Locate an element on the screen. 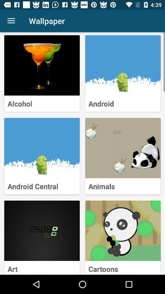 This screenshot has width=165, height=294. art wallpaper collection is located at coordinates (42, 230).